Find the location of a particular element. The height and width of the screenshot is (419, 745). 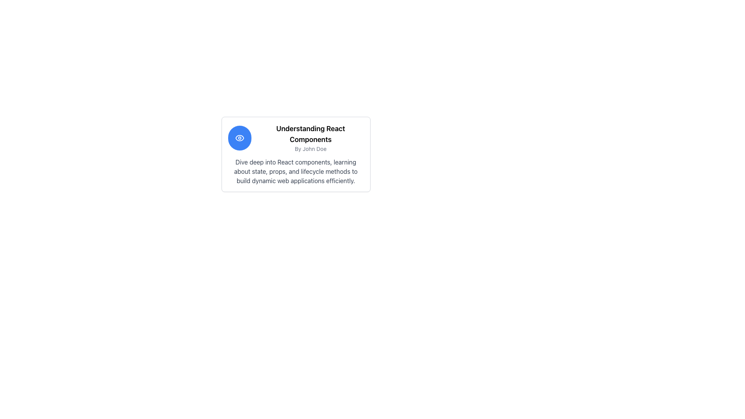

the Informational Card titled 'Understanding React Components' by John Doe, which is displayed prominently in a card-like component with rounded corners and a shadow effect is located at coordinates (295, 154).